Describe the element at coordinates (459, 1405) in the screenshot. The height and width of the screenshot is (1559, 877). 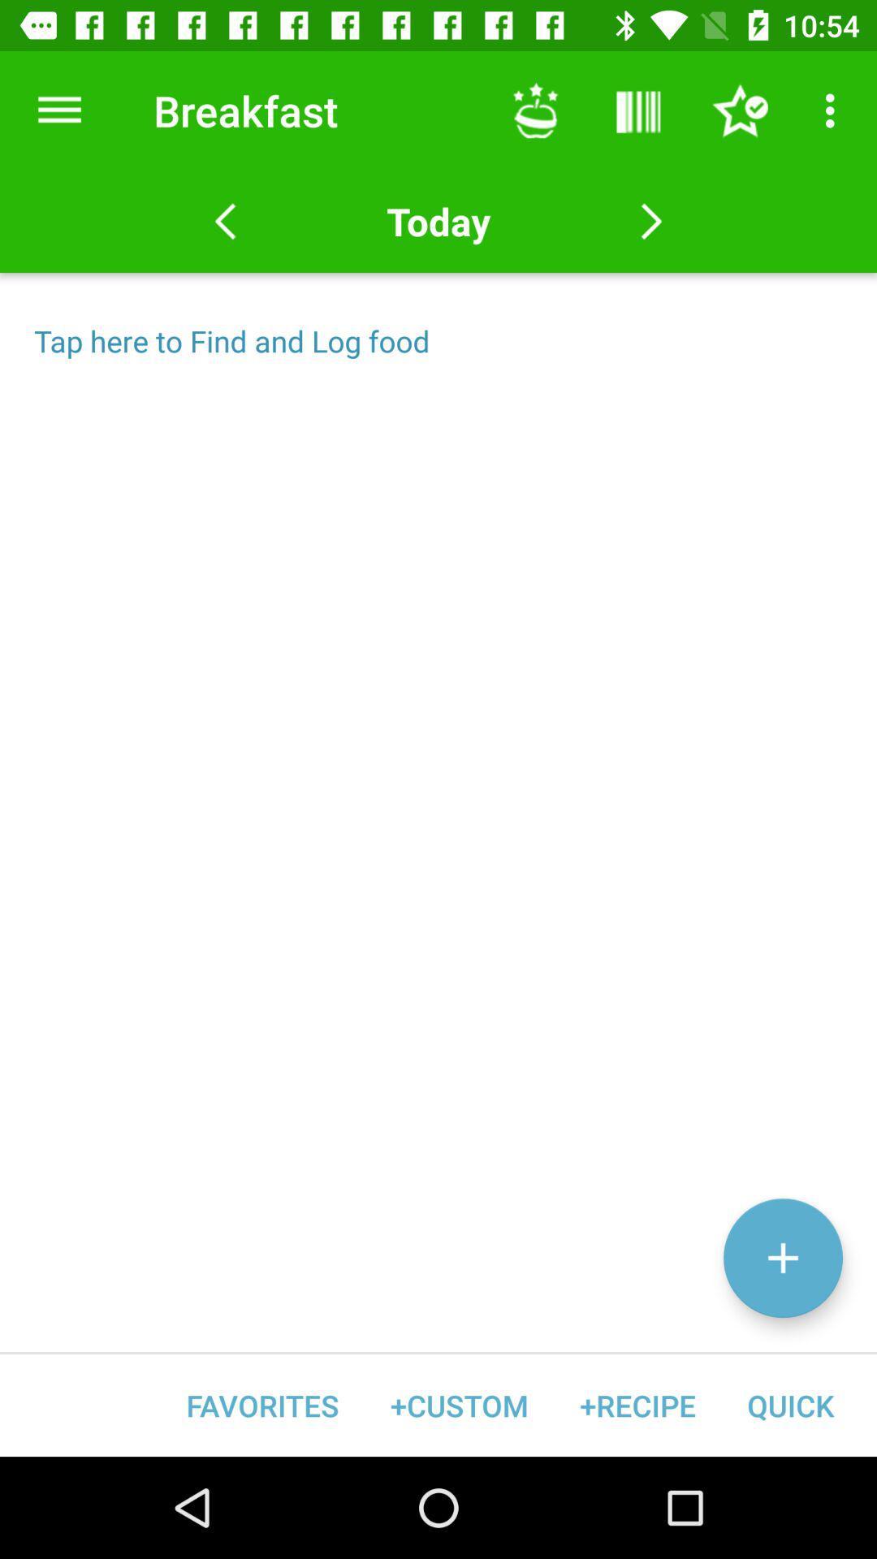
I see `the icon next to +recipe` at that location.